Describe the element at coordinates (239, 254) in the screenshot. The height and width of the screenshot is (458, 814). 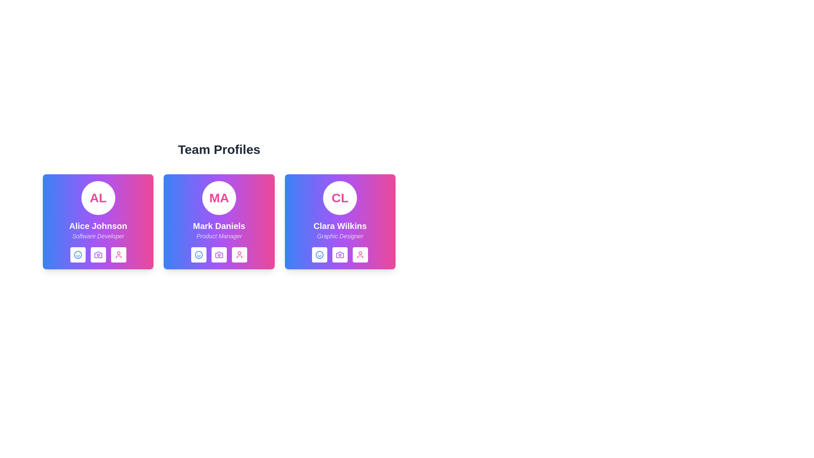
I see `the profile management button located in the bottom-right section of the card labeled 'Mark Daniels - Product Manager', which is the third button in a row of three buttons following a smiley icon and a camera icon` at that location.